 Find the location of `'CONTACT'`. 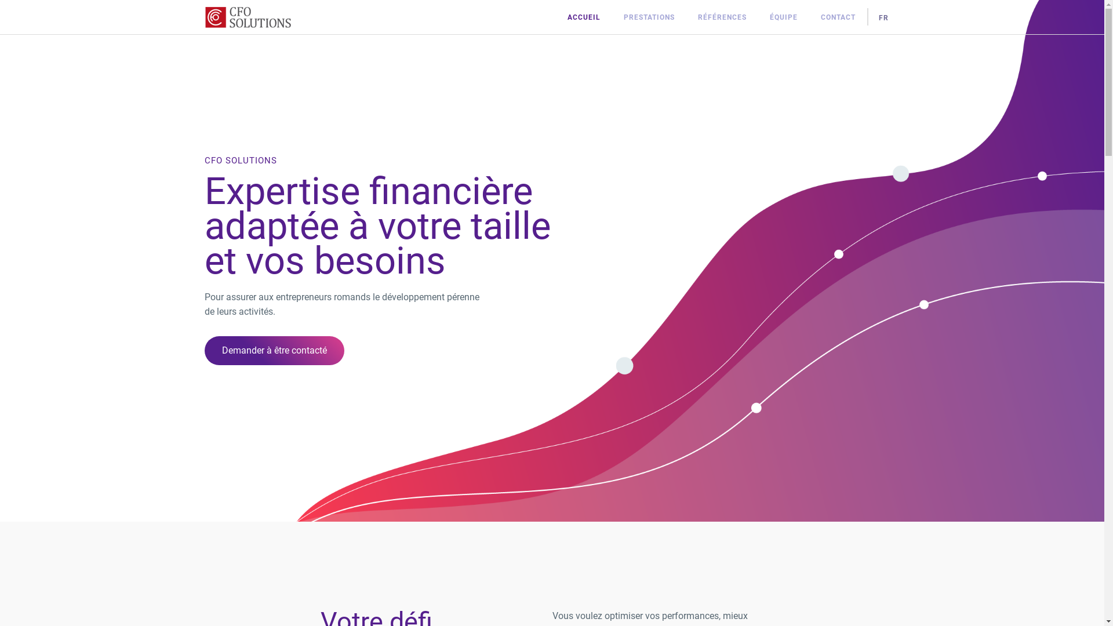

'CONTACT' is located at coordinates (809, 16).